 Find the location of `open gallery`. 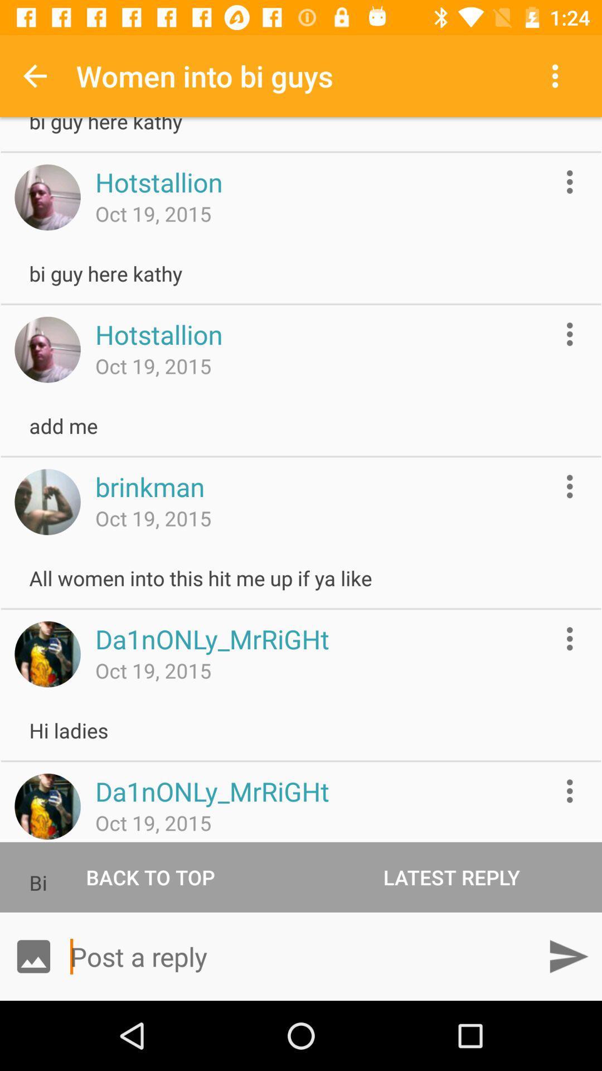

open gallery is located at coordinates (33, 956).